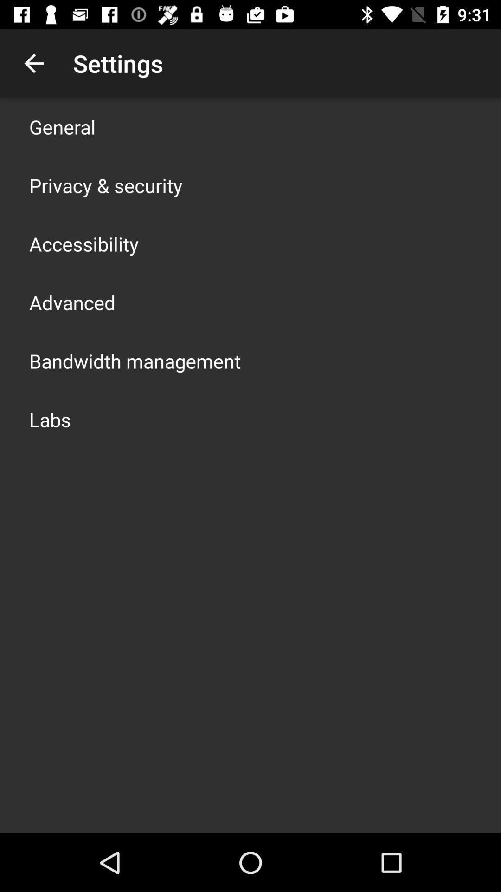 The image size is (501, 892). I want to click on the app below the accessibility item, so click(71, 302).